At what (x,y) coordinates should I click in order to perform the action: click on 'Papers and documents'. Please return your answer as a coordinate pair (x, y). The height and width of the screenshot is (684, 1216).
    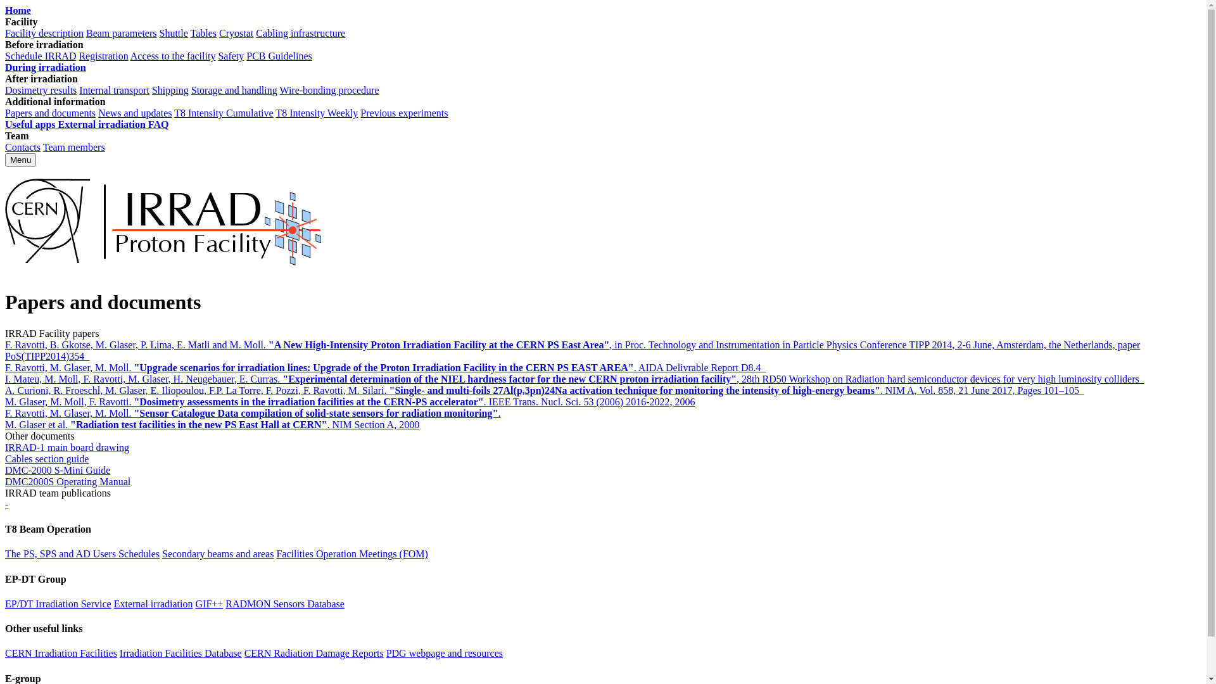
    Looking at the image, I should click on (50, 112).